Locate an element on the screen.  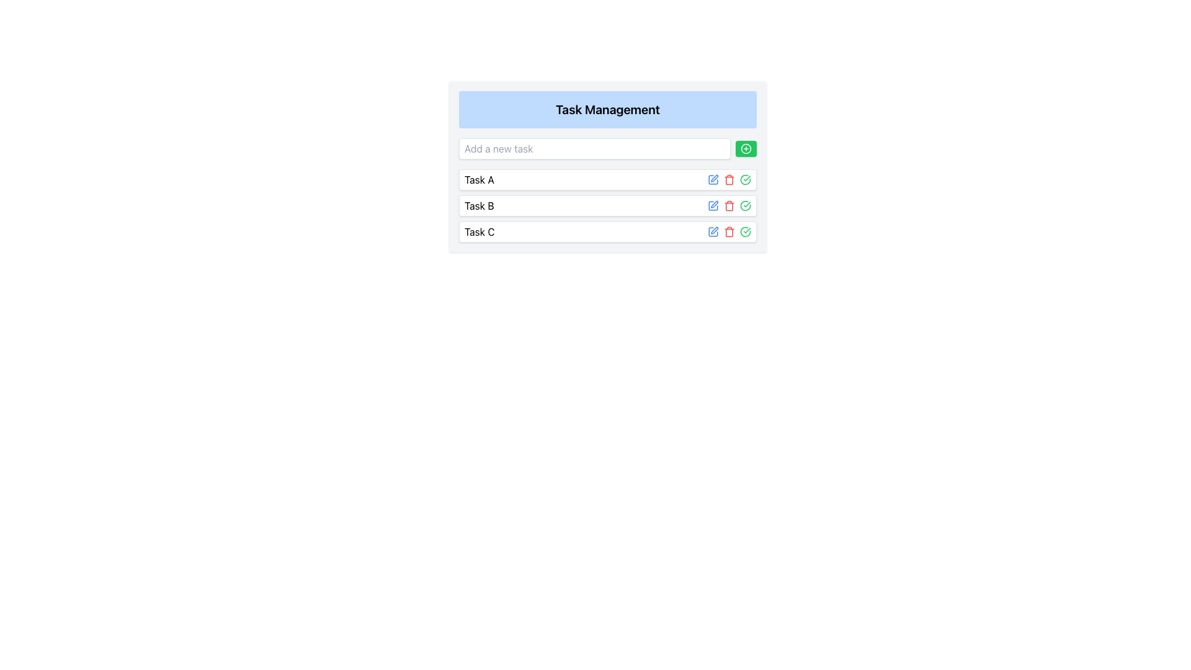
the interactive green circular icon with a checkmark located next to 'Task C' in the task management interface is located at coordinates (744, 179).